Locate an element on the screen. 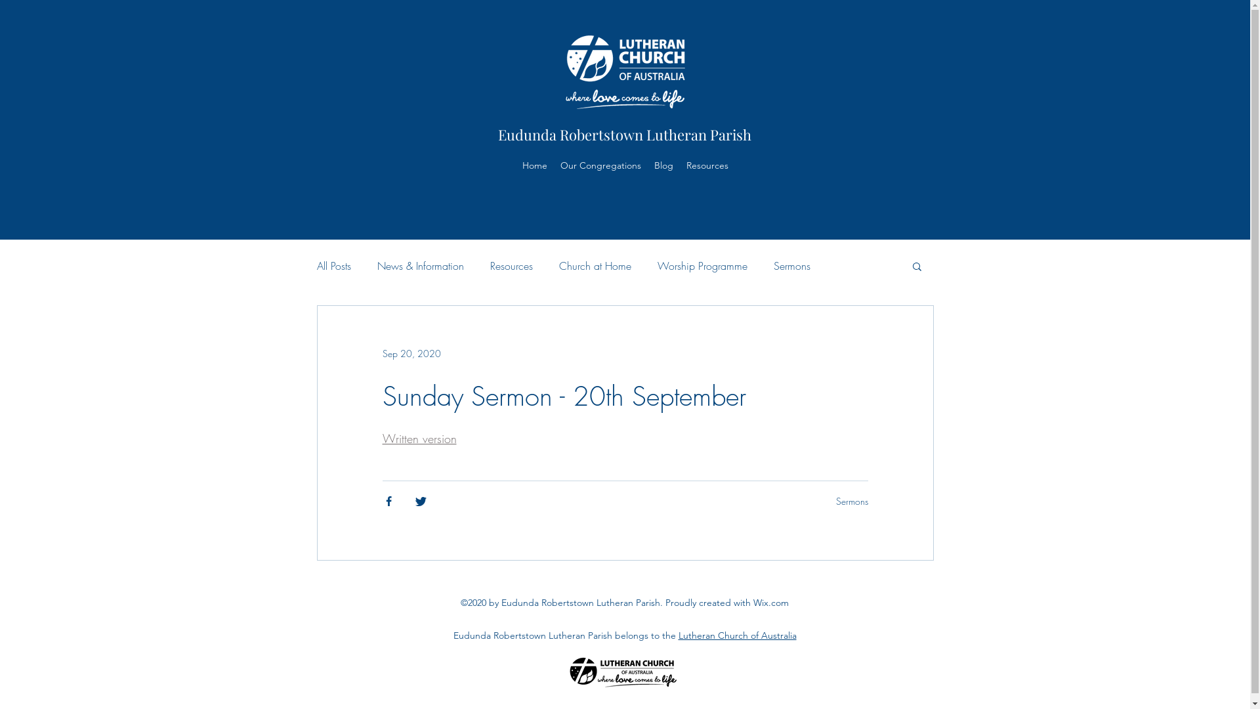  'Home' is located at coordinates (535, 164).